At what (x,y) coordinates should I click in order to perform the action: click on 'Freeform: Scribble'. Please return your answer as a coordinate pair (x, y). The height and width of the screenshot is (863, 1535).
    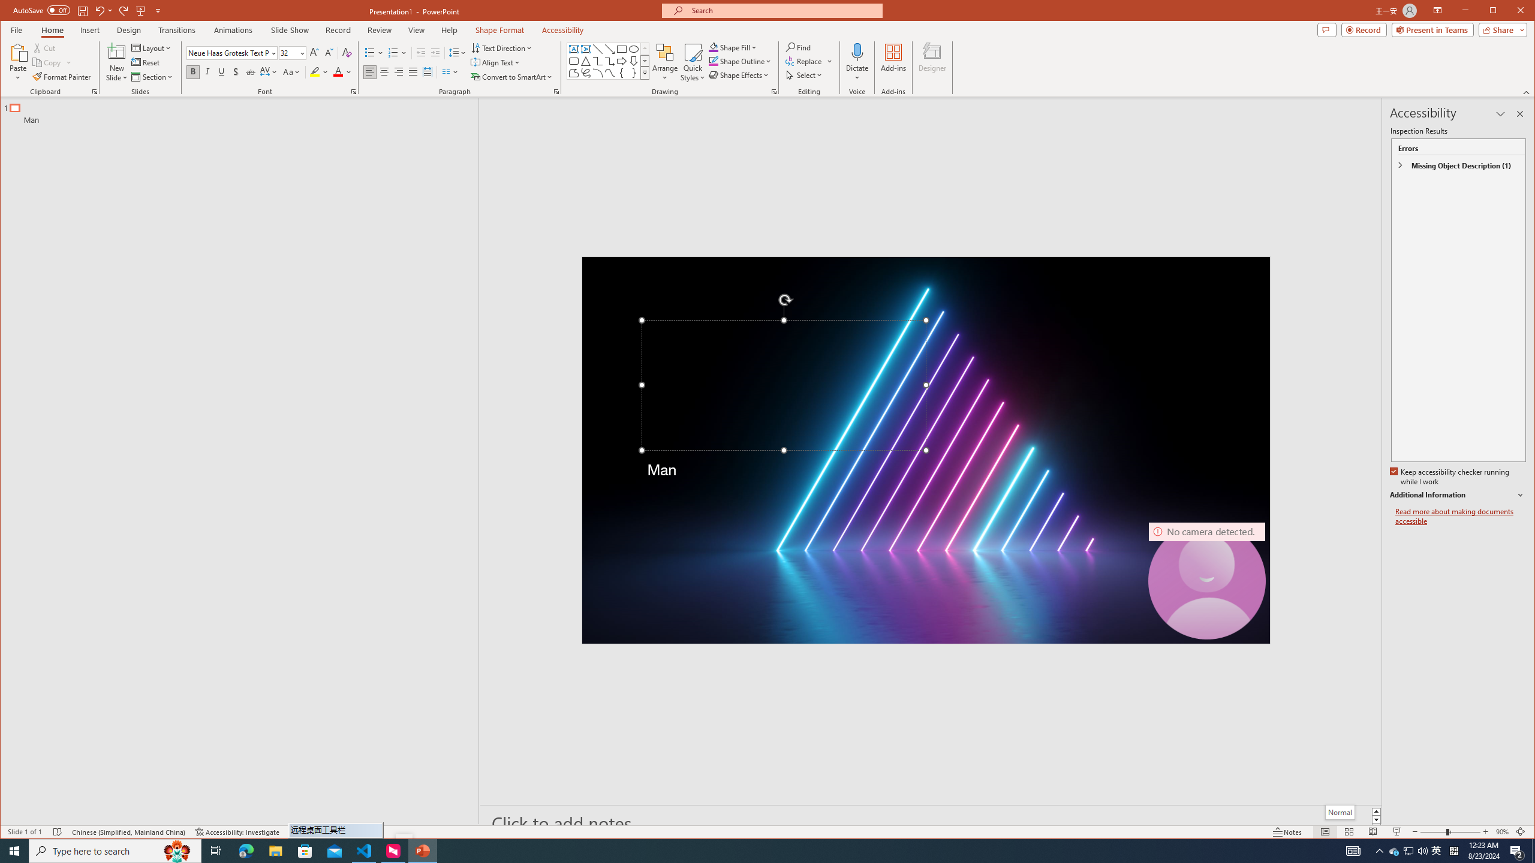
    Looking at the image, I should click on (586, 73).